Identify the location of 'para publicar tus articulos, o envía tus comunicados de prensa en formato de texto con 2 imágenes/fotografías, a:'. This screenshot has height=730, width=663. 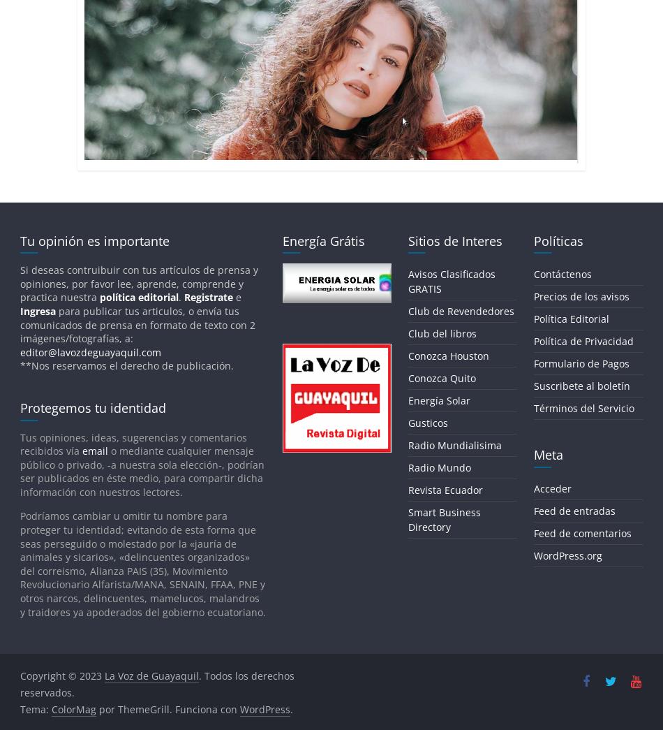
(137, 324).